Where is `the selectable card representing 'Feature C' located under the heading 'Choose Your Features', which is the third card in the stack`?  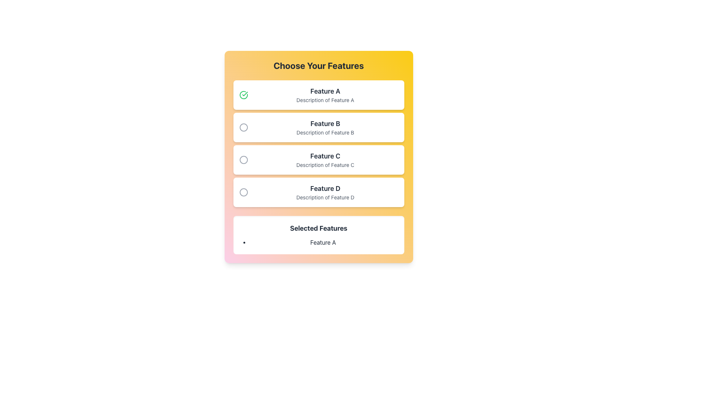
the selectable card representing 'Feature C' located under the heading 'Choose Your Features', which is the third card in the stack is located at coordinates (319, 160).